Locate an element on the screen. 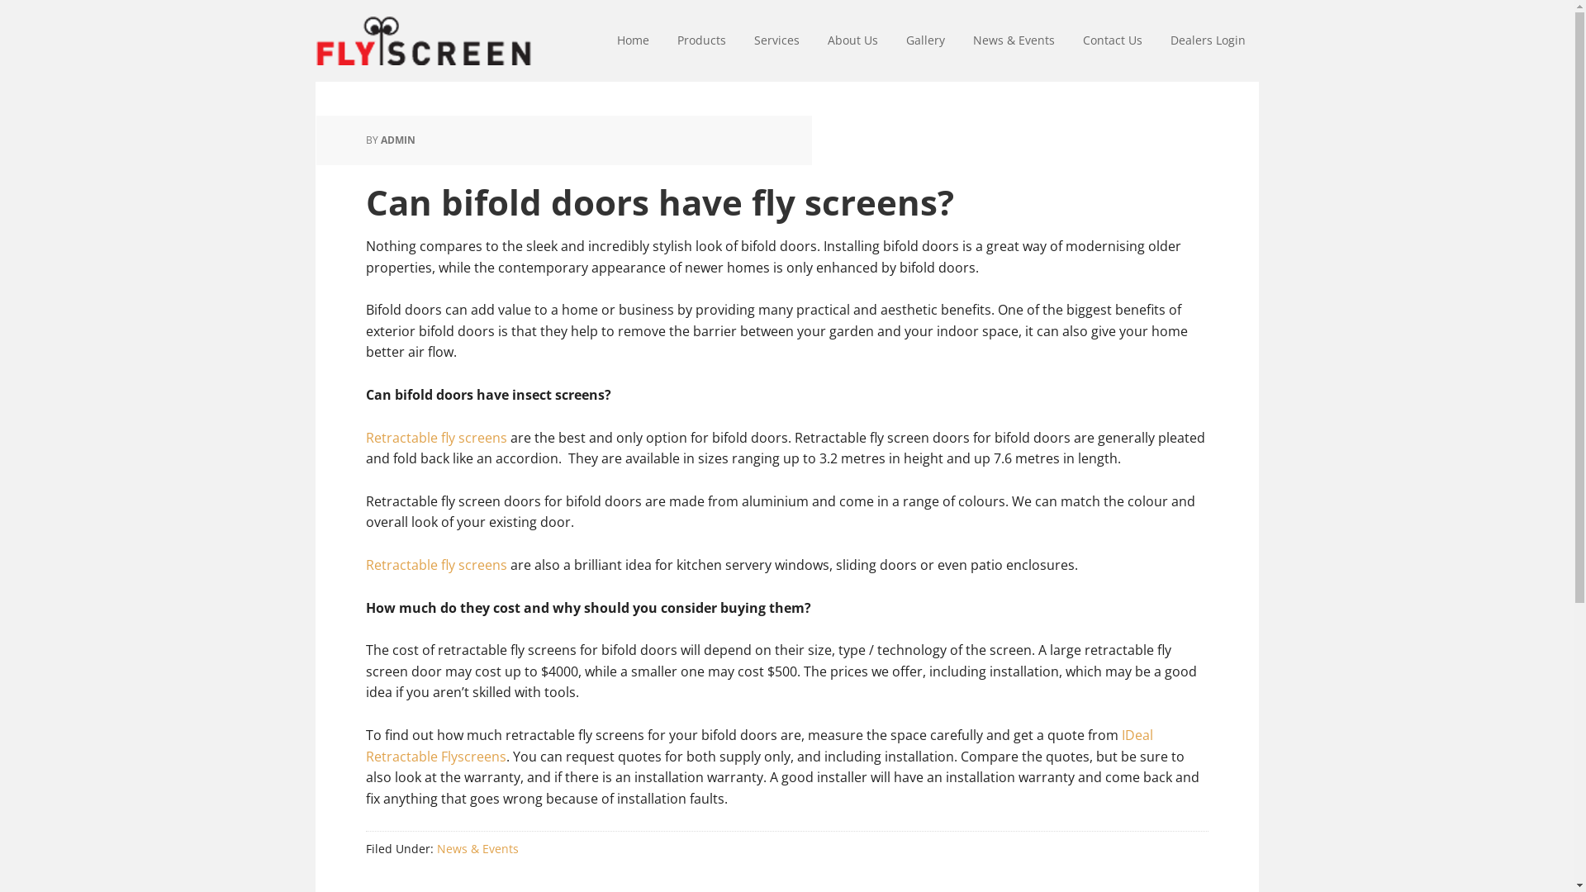 Image resolution: width=1586 pixels, height=892 pixels. 'News & Events' is located at coordinates (476, 848).